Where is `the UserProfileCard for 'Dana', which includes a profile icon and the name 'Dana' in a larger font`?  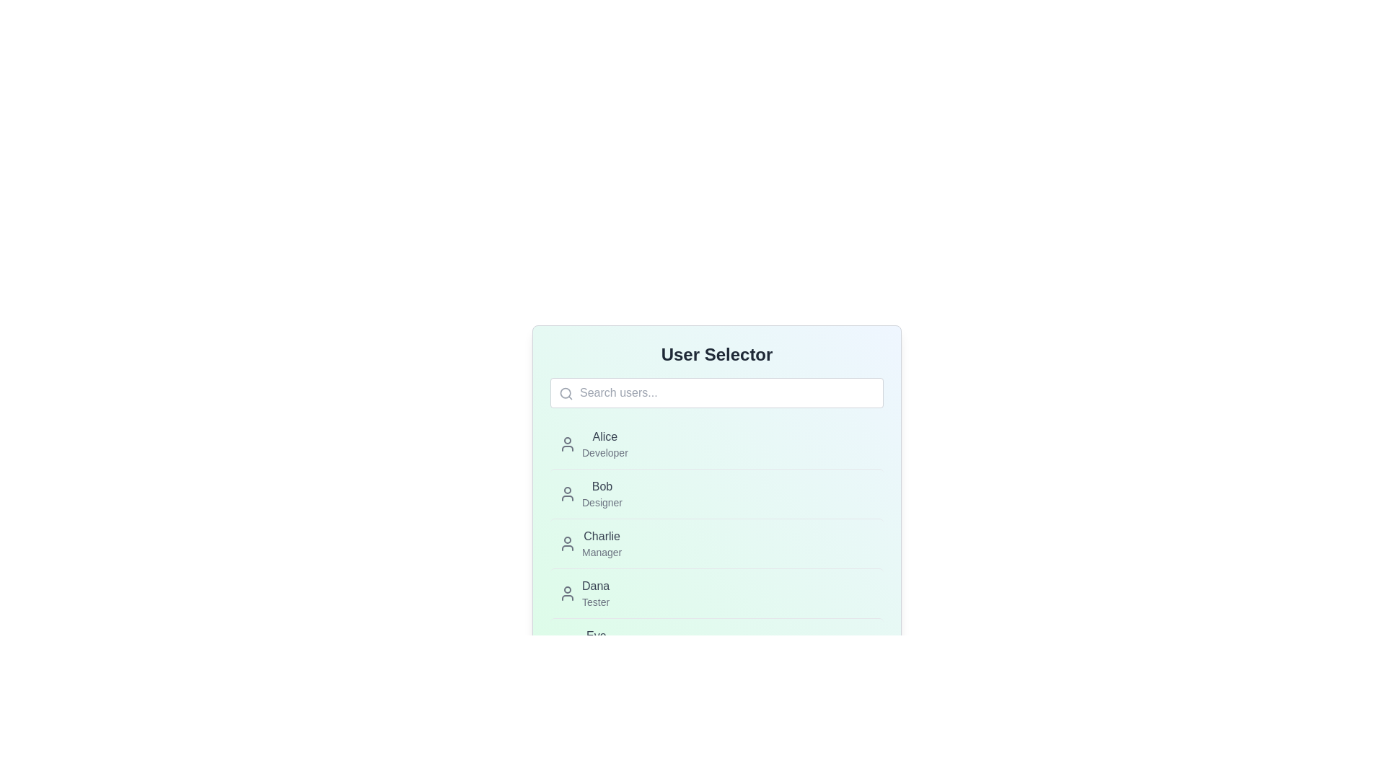 the UserProfileCard for 'Dana', which includes a profile icon and the name 'Dana' in a larger font is located at coordinates (584, 593).